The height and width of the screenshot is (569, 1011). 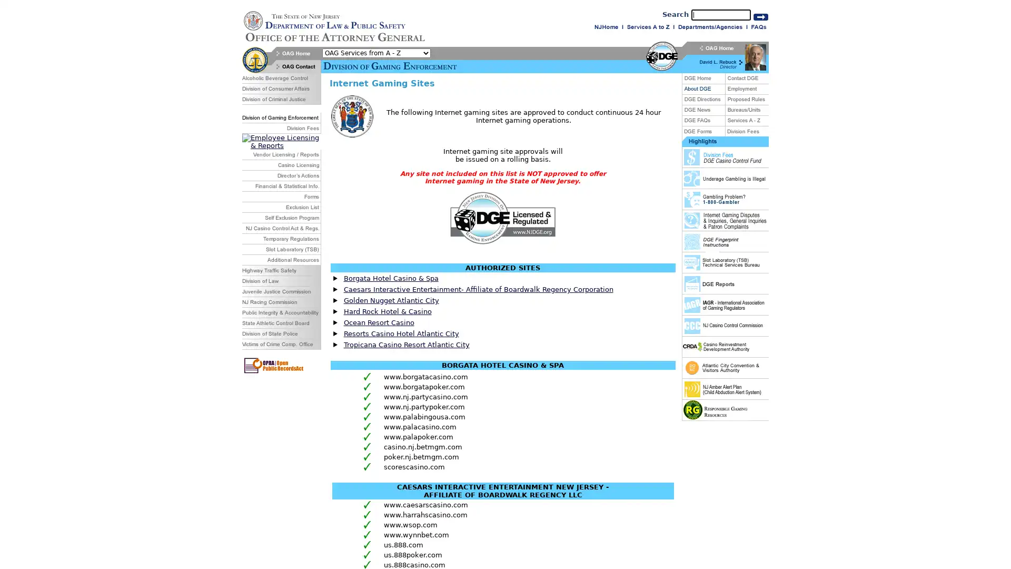 What do you see at coordinates (760, 16) in the screenshot?
I see `submit search` at bounding box center [760, 16].